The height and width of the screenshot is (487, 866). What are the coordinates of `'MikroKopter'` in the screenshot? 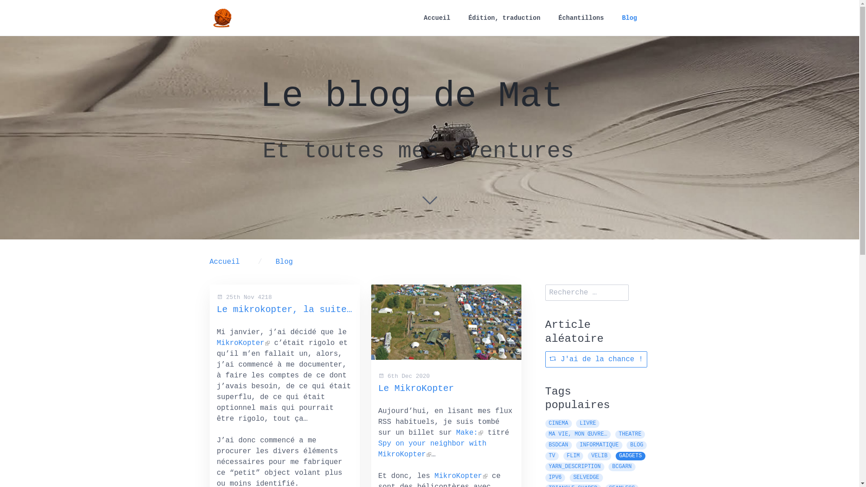 It's located at (461, 475).